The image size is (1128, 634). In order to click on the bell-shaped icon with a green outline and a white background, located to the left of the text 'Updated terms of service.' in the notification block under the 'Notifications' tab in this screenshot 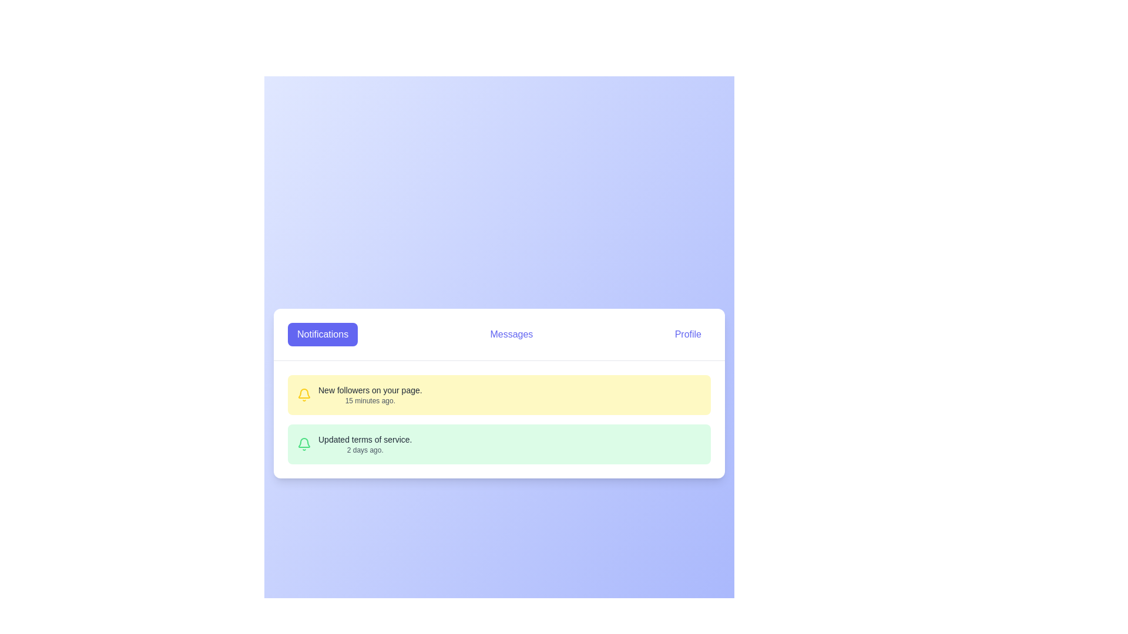, I will do `click(304, 444)`.